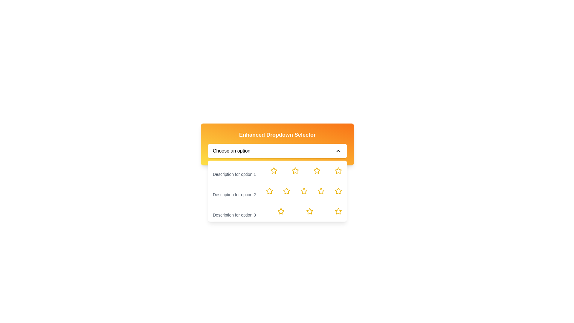 The image size is (574, 323). I want to click on the third star in the third row of the grid layout to rate it, so click(281, 211).